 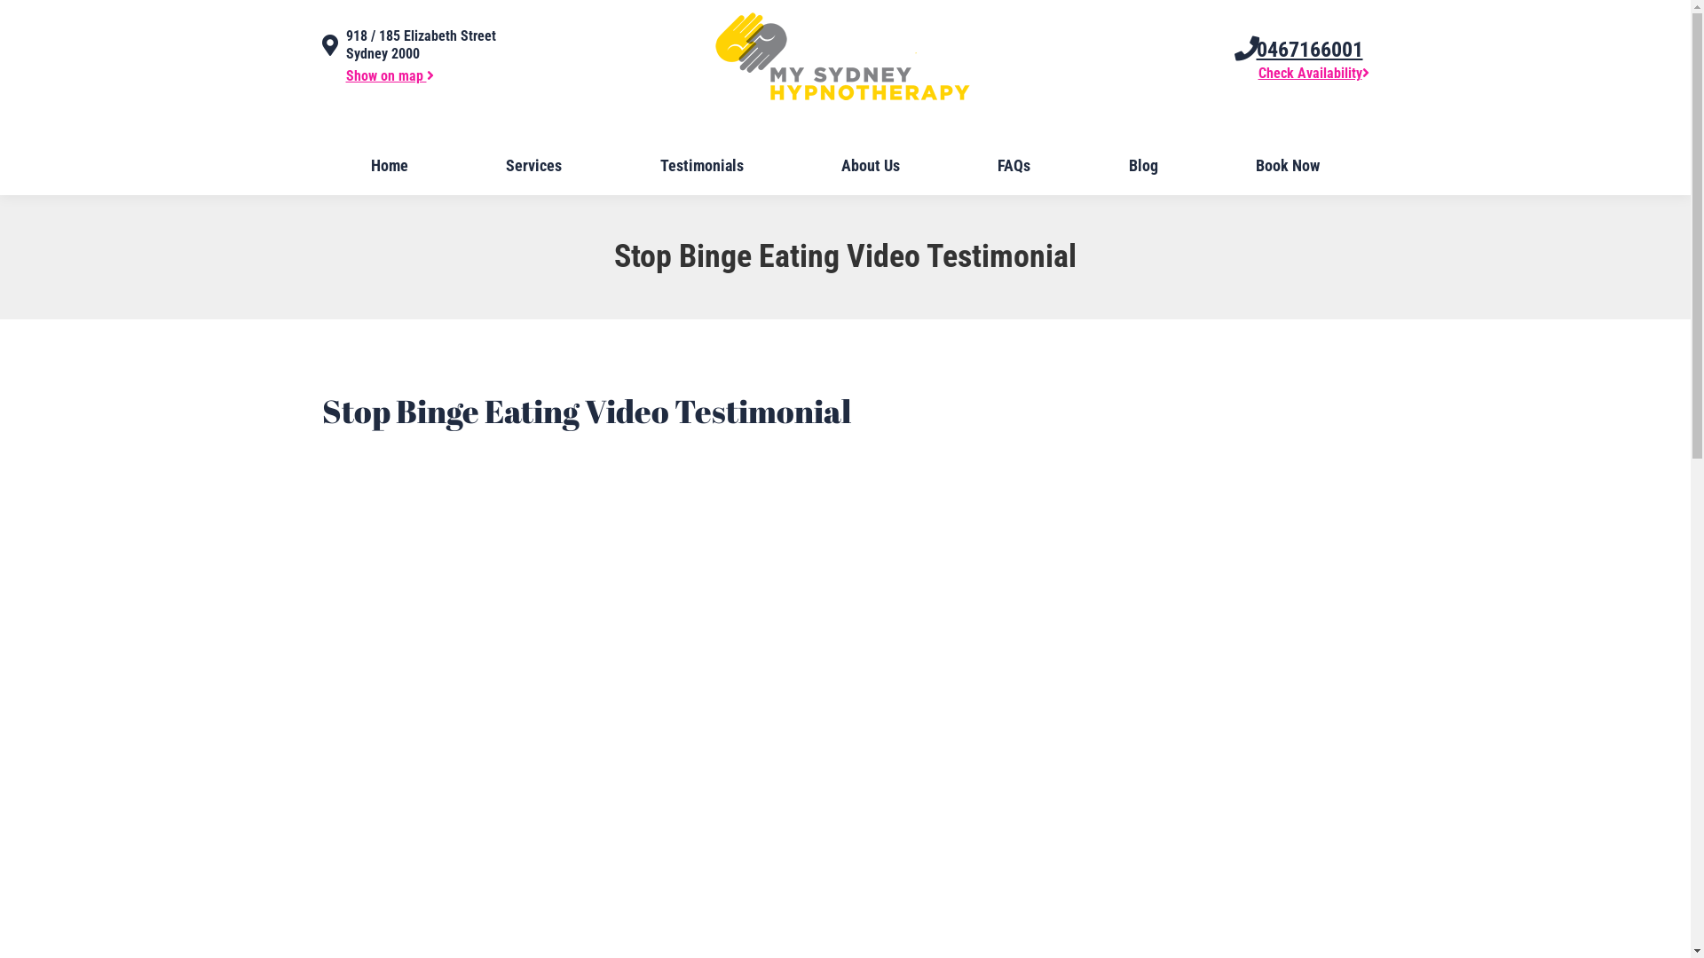 I want to click on 'About Us', so click(x=870, y=165).